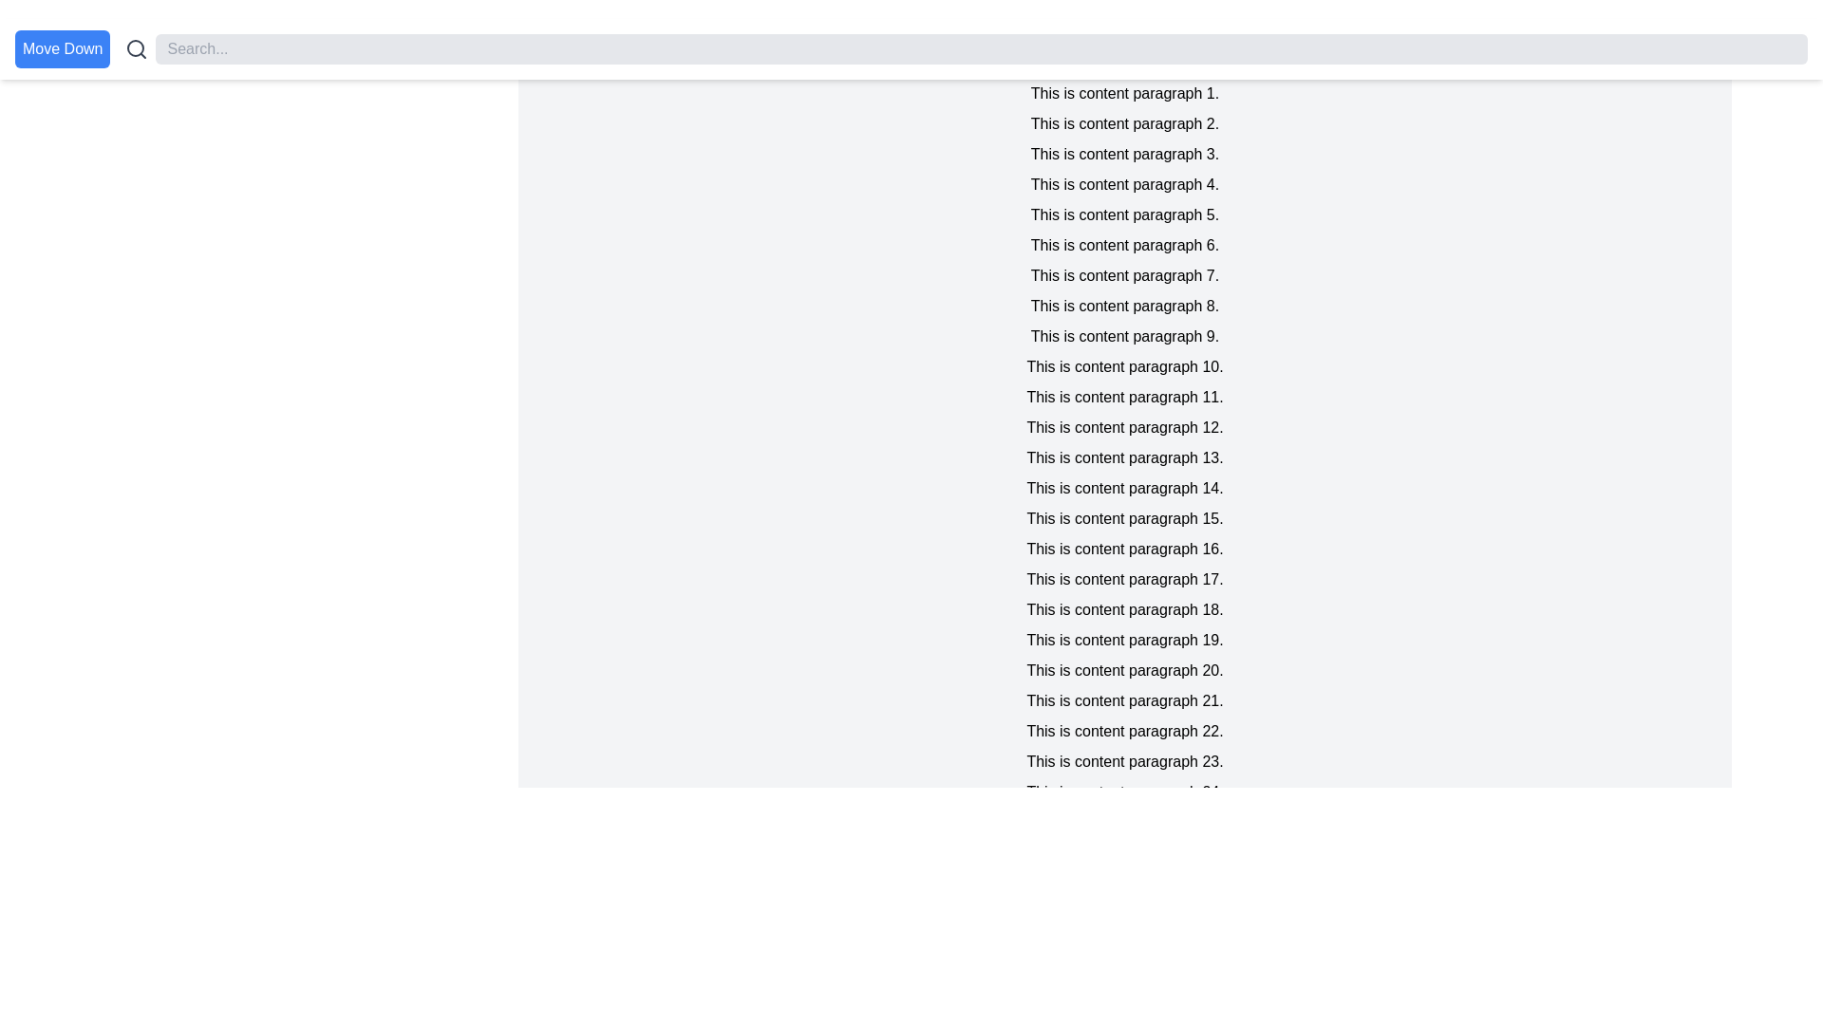 The width and height of the screenshot is (1823, 1025). I want to click on the 9th informational paragraph in the vertical list of paragraphs, which is located beneath 'This is content paragraph 8.' and above 'This is content paragraph 10.', so click(1125, 335).